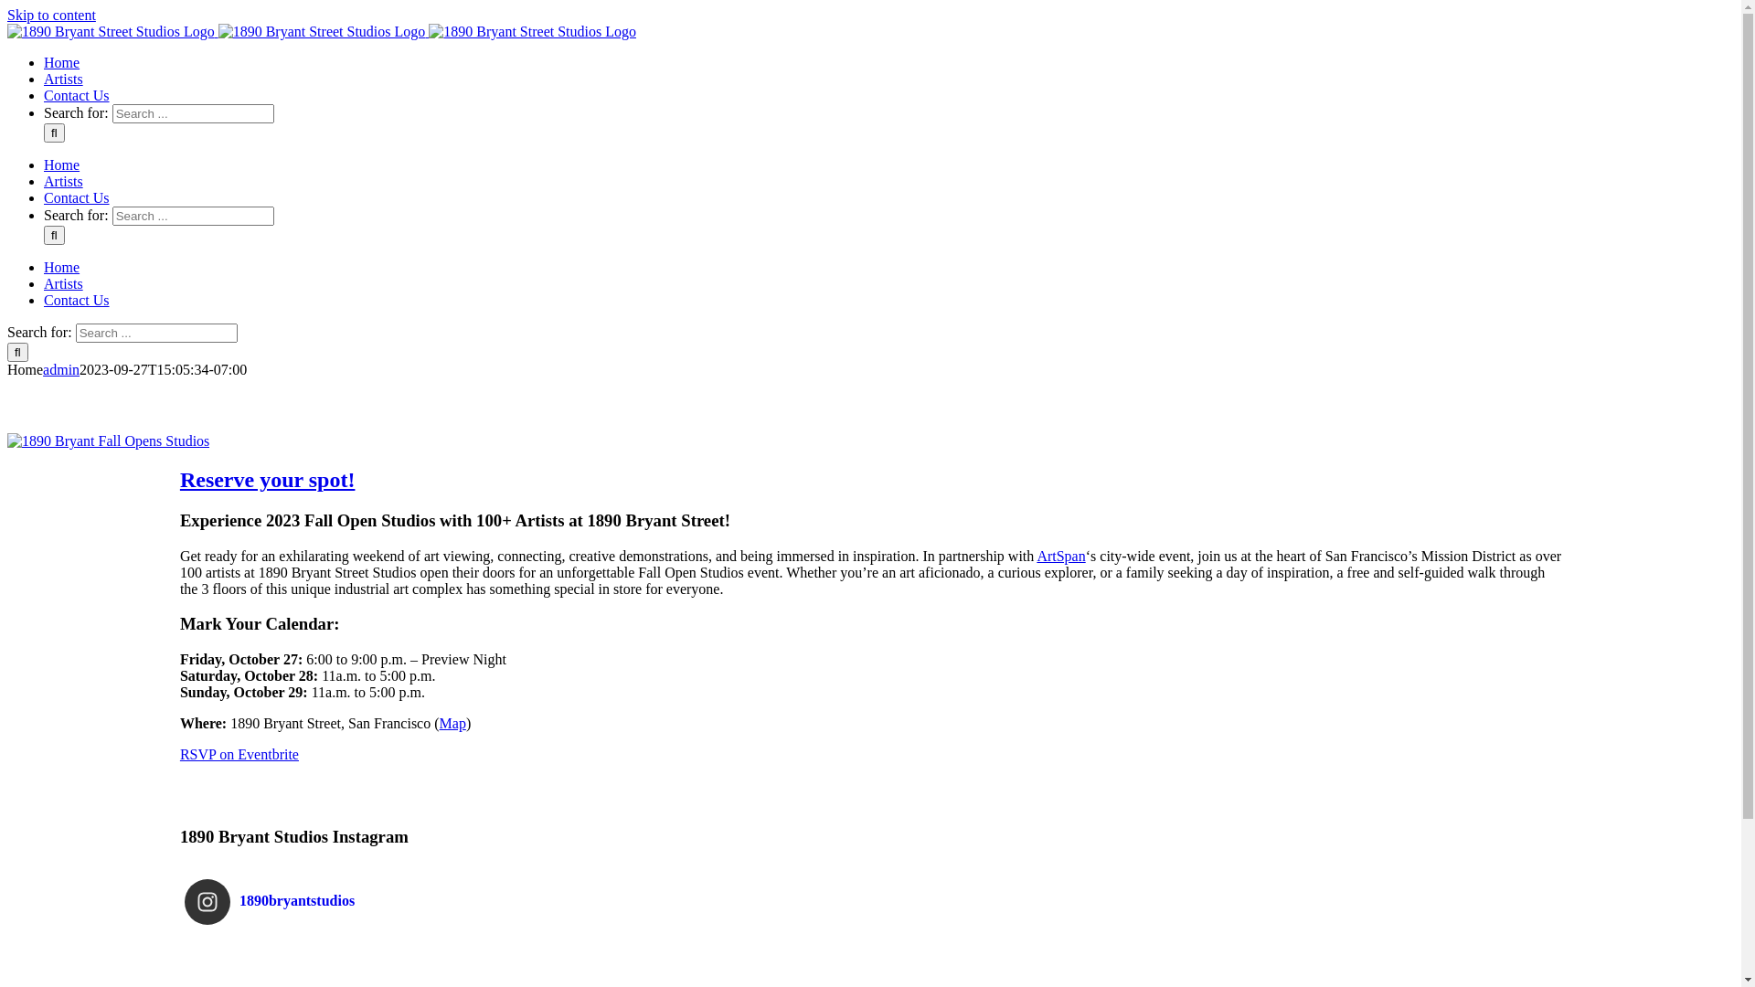 The width and height of the screenshot is (1755, 987). Describe the element at coordinates (61, 164) in the screenshot. I see `'Home'` at that location.